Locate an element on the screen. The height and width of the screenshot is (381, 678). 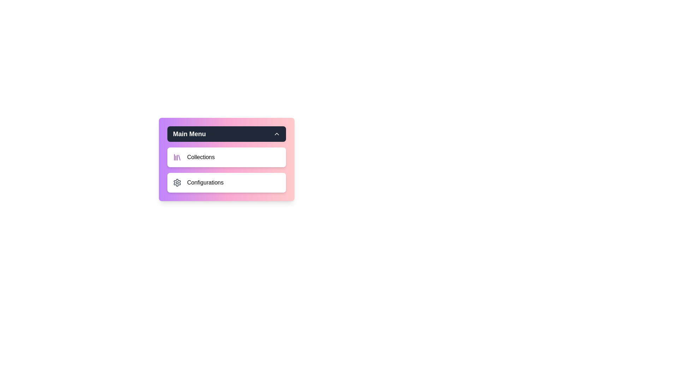
the first item in the list under 'Main Menu' labeled 'Collections' is located at coordinates (227, 157).